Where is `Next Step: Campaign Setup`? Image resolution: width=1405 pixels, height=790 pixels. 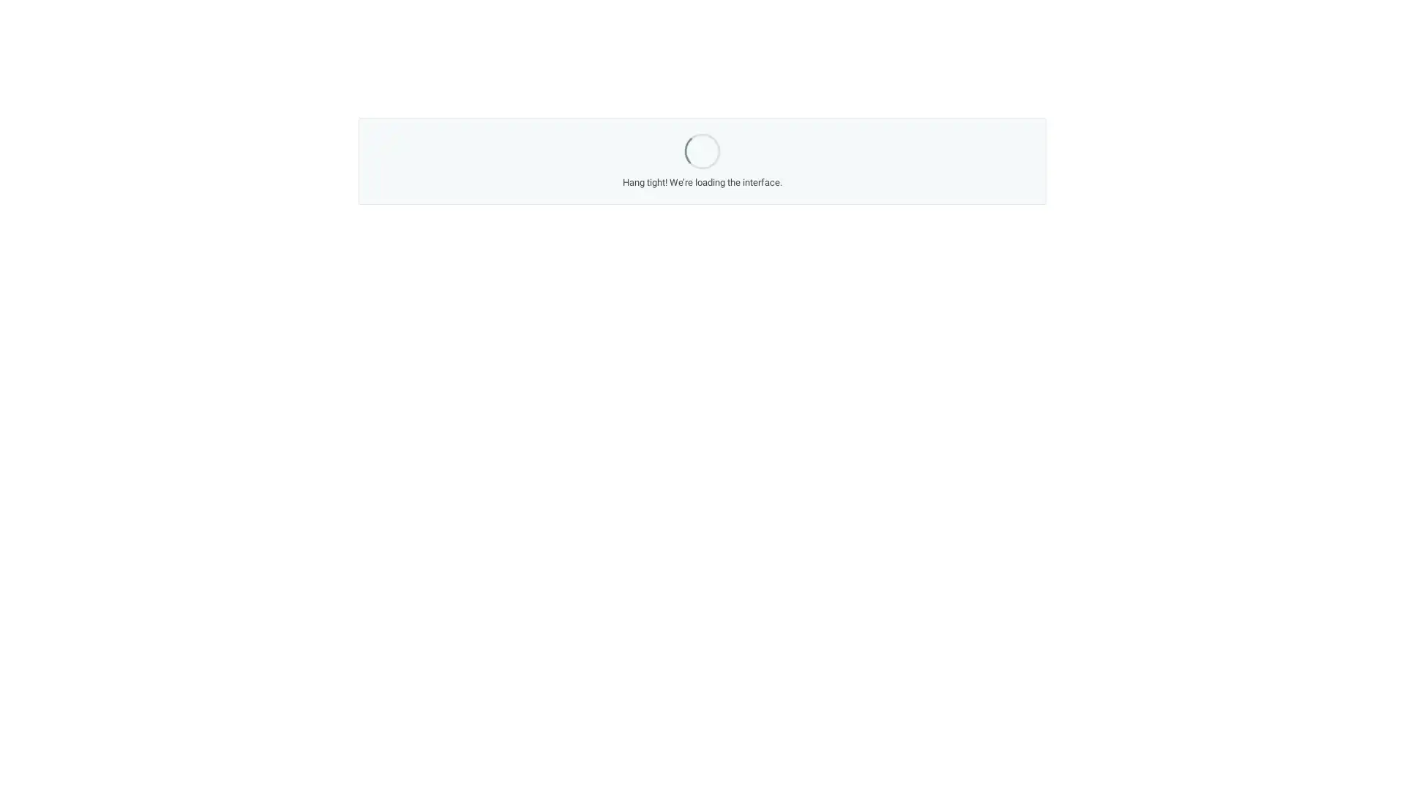 Next Step: Campaign Setup is located at coordinates (820, 521).